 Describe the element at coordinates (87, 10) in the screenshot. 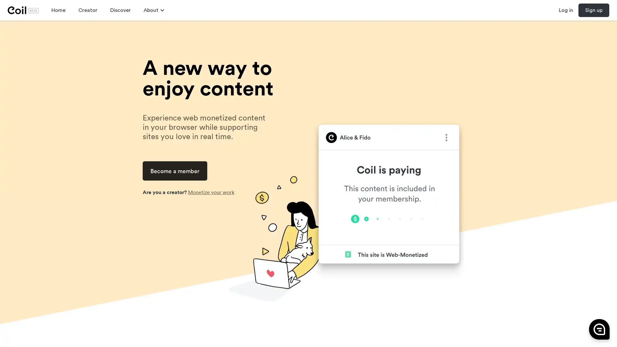

I see `Creator` at that location.